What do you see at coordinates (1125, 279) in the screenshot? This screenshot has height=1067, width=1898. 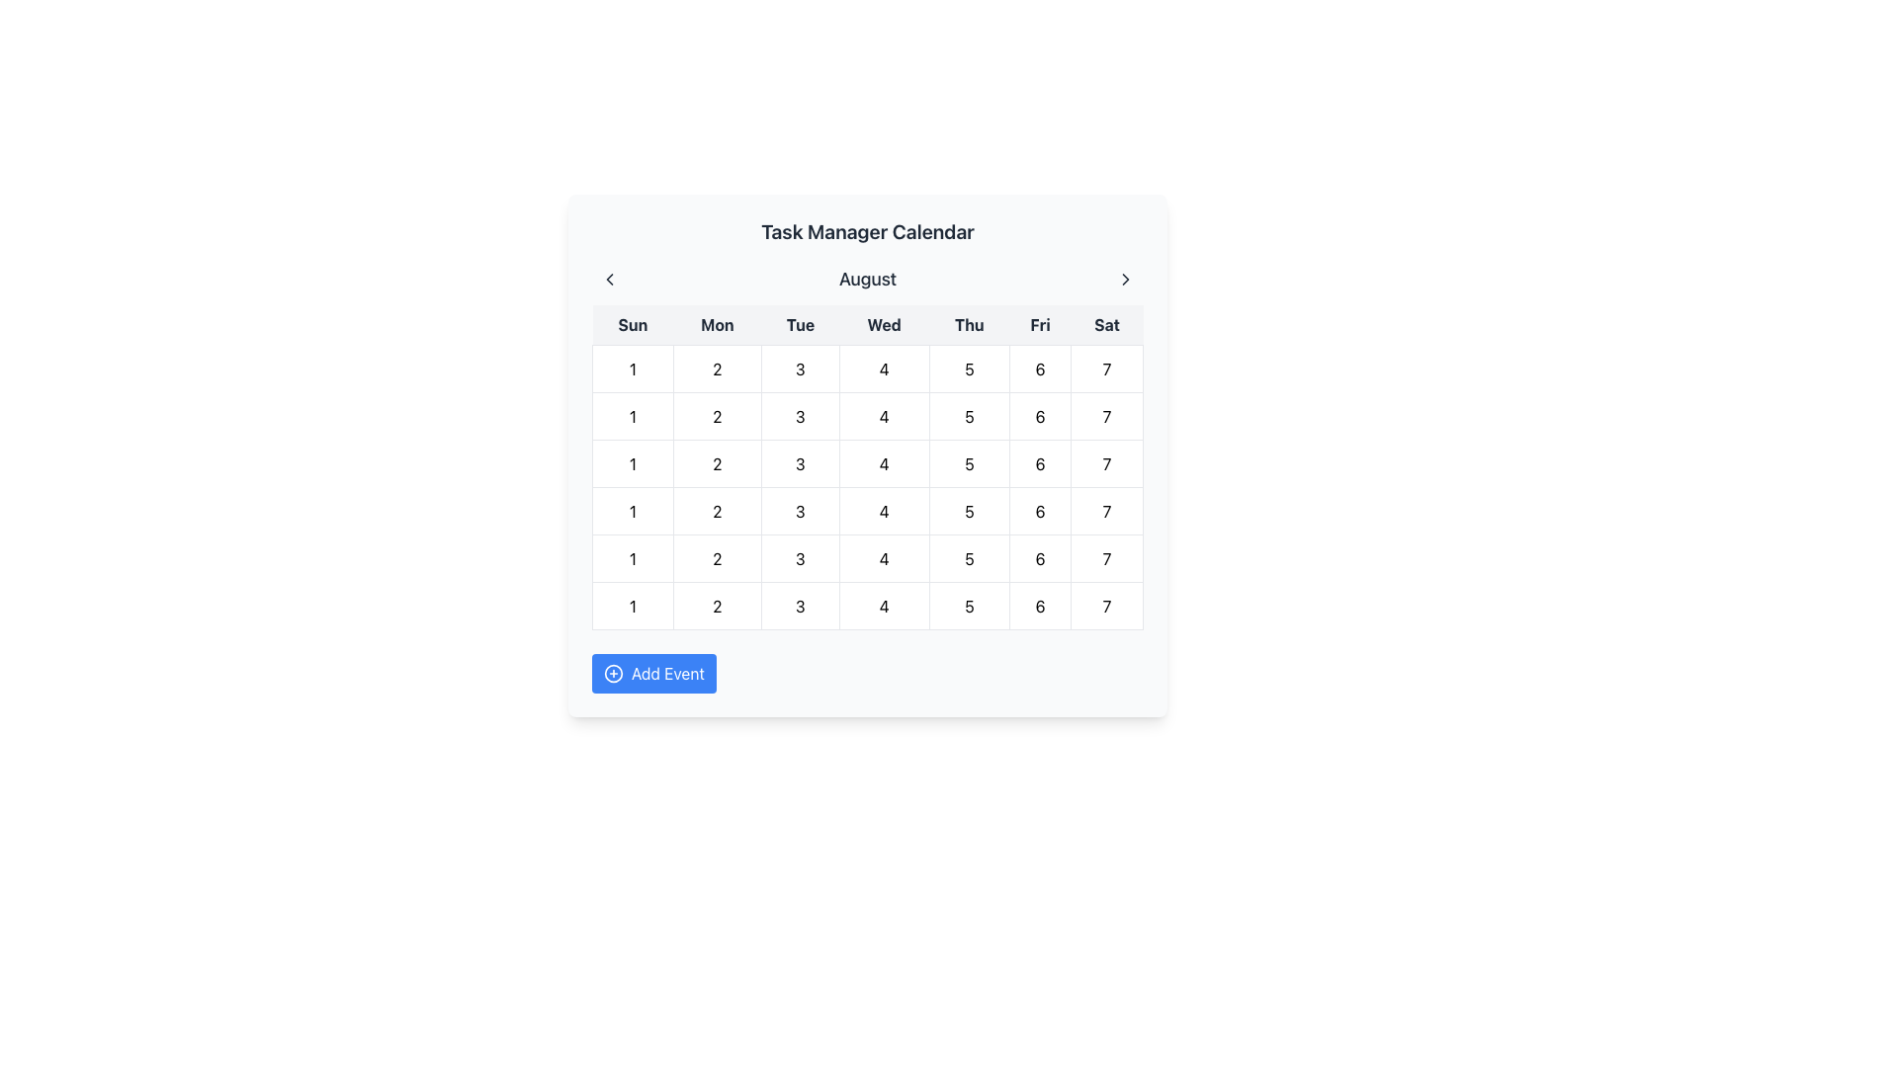 I see `the right-pointing chevron icon located in the top-right corner of the application's header area` at bounding box center [1125, 279].